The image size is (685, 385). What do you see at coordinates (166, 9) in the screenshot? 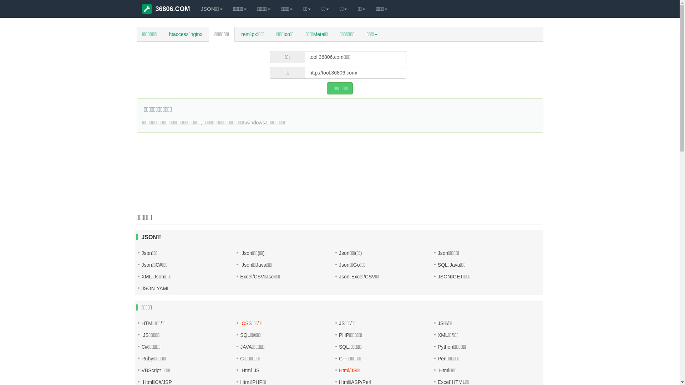
I see `'36806.COM'` at bounding box center [166, 9].